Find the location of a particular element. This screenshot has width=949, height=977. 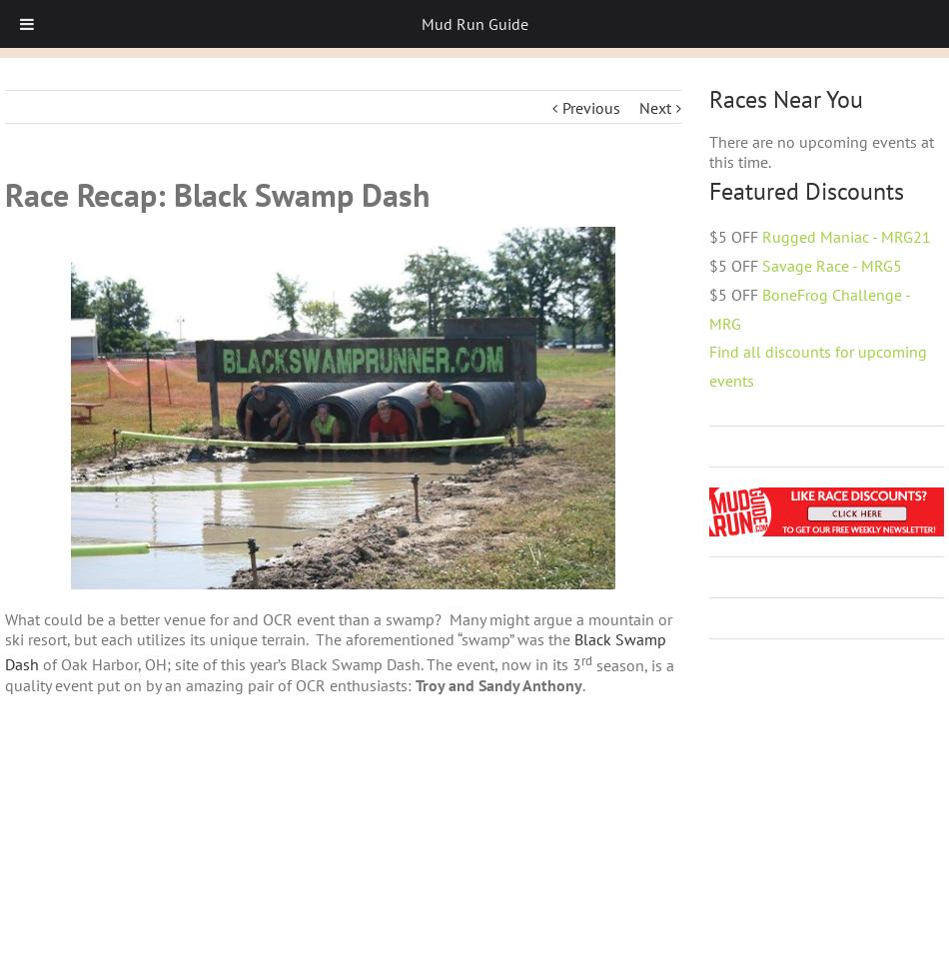

'Rugged Maniac - MRG21' is located at coordinates (761, 236).